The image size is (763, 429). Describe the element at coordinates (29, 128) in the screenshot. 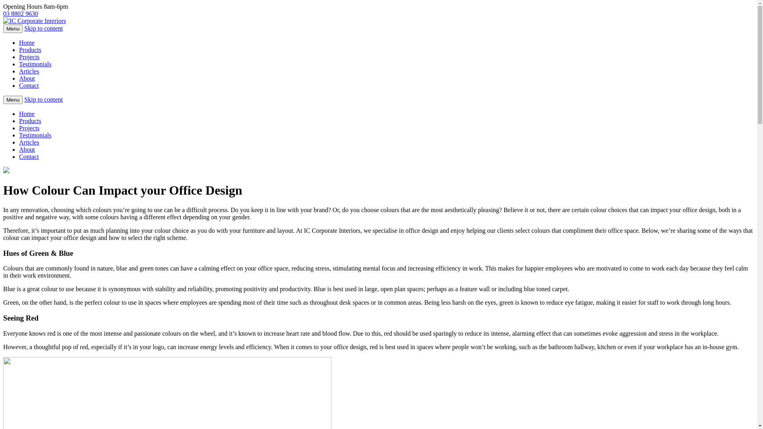

I see `'Projects'` at that location.